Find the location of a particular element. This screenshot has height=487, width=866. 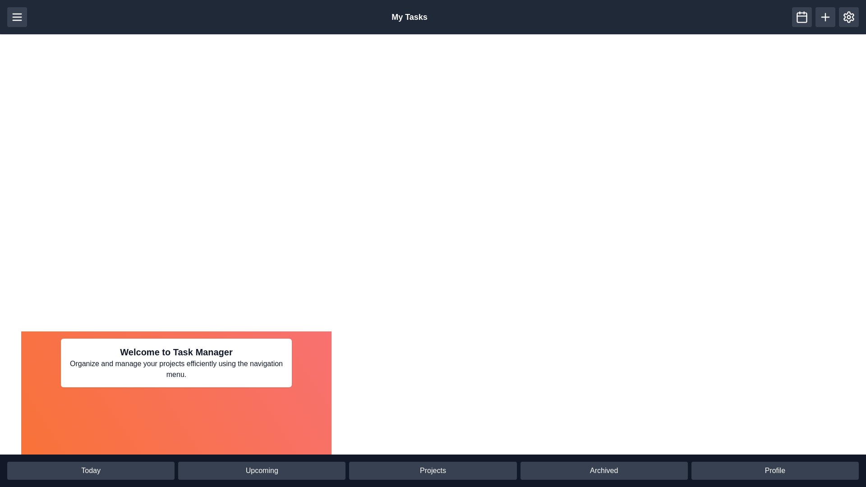

the menu button in the header to toggle the visibility of the menu is located at coordinates (17, 17).